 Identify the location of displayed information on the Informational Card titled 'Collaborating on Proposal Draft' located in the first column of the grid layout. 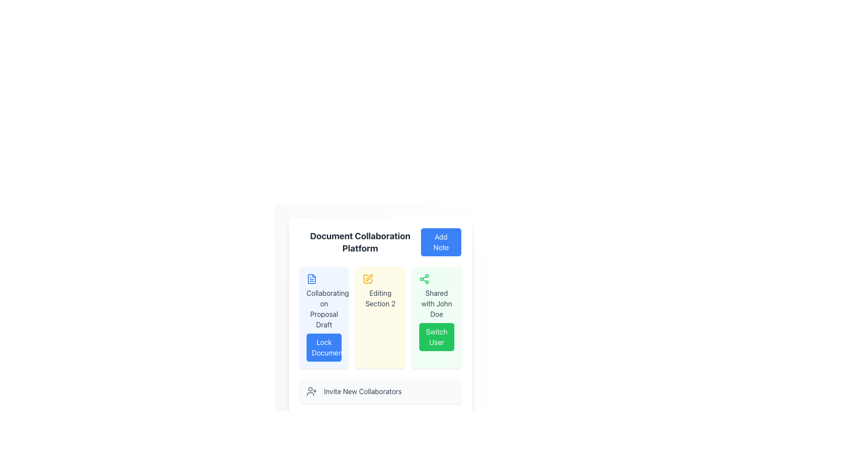
(324, 318).